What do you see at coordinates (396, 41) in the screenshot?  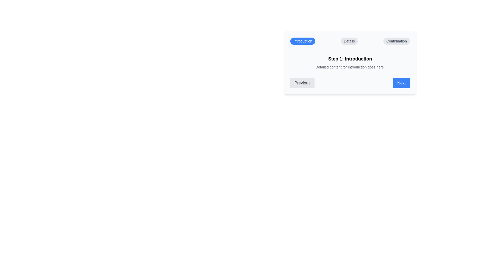 I see `the label of the step Confirmation to navigate to that step` at bounding box center [396, 41].